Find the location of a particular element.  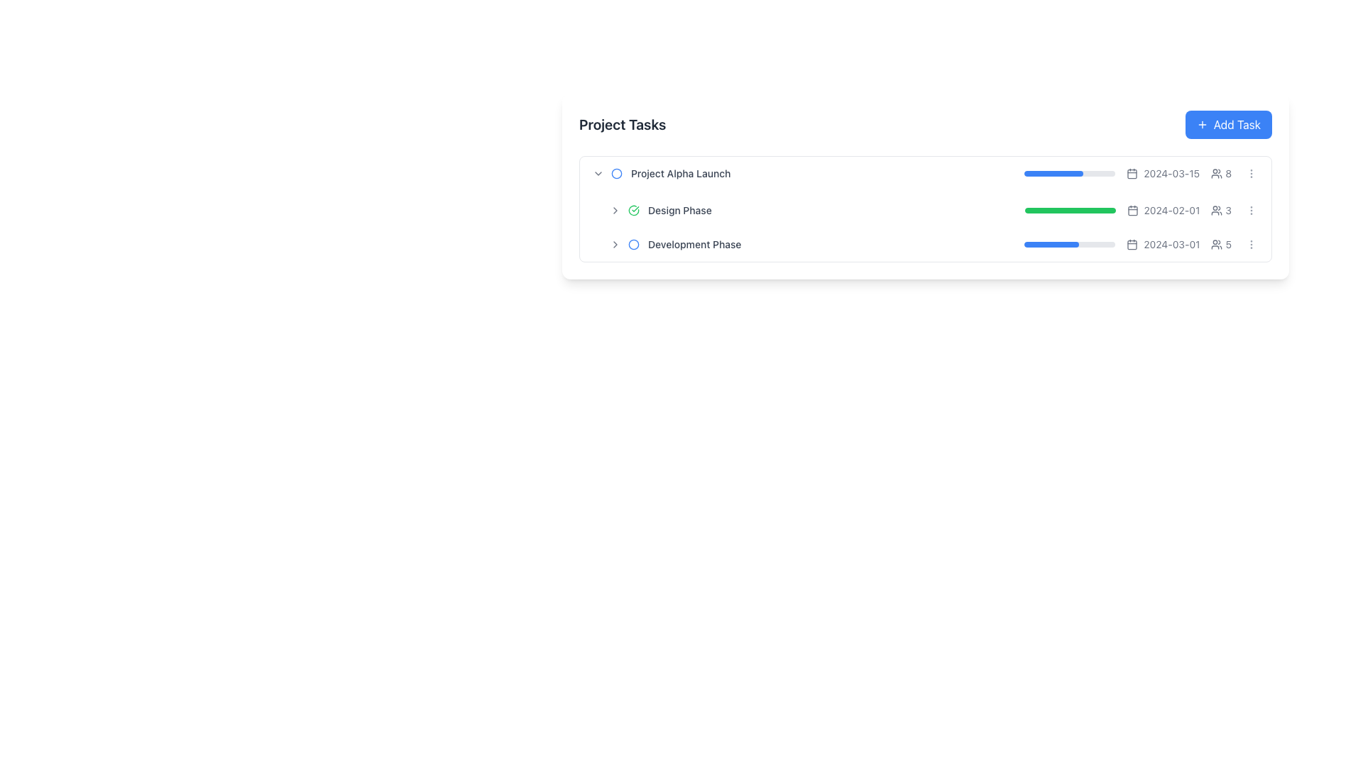

the button located in the top-right corner of the 'Project Tasks' header to observe the hover effects is located at coordinates (1227, 124).